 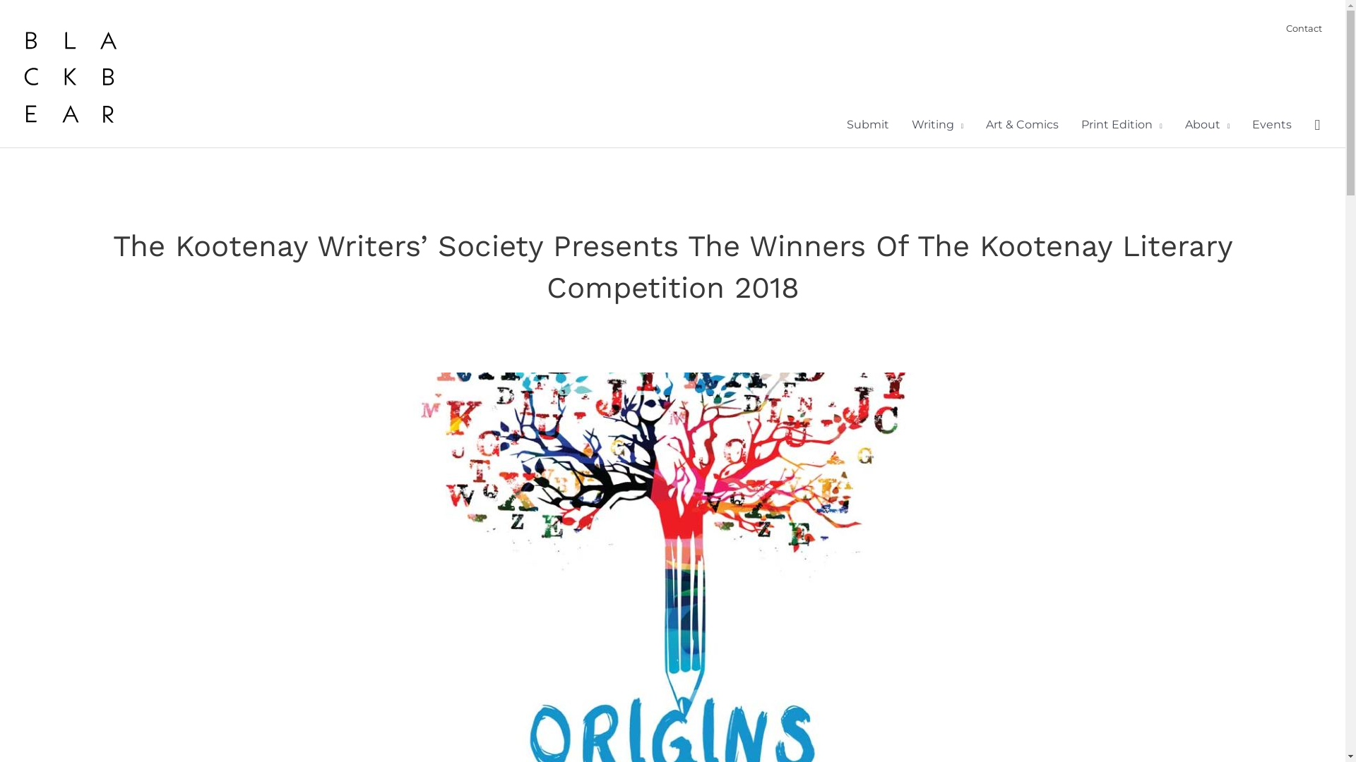 I want to click on 'Print Edition', so click(x=1121, y=124).